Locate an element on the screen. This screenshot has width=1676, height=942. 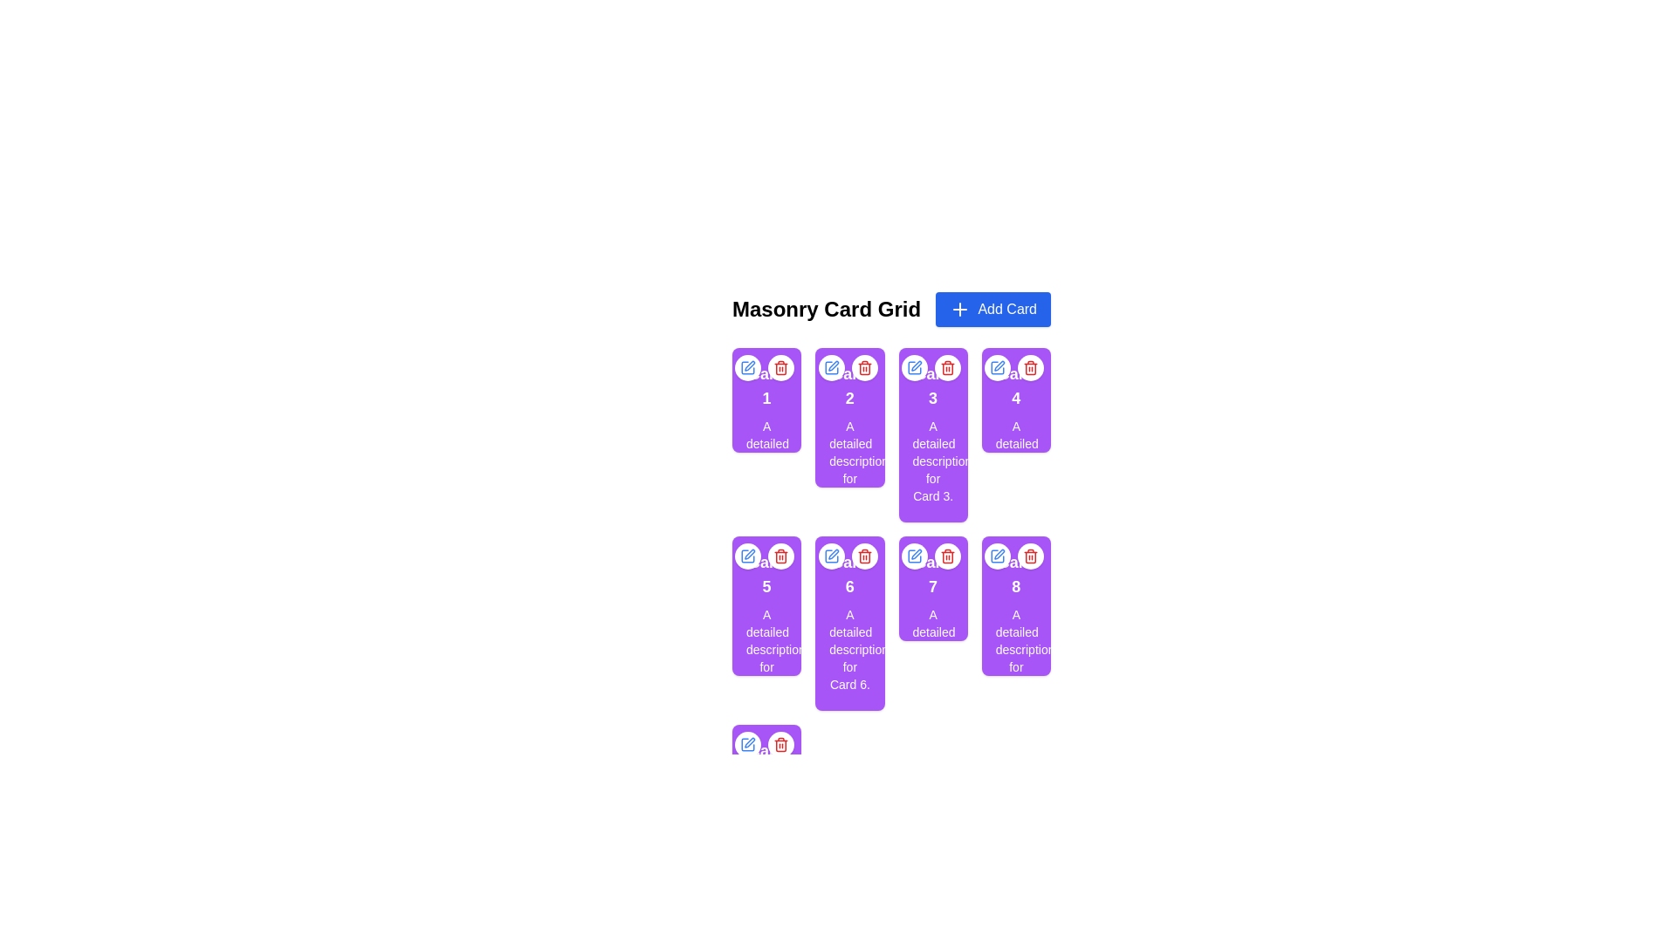
the text block with a bold purple background containing the text '1', located in the first card of the masonry grid layout is located at coordinates (766, 386).